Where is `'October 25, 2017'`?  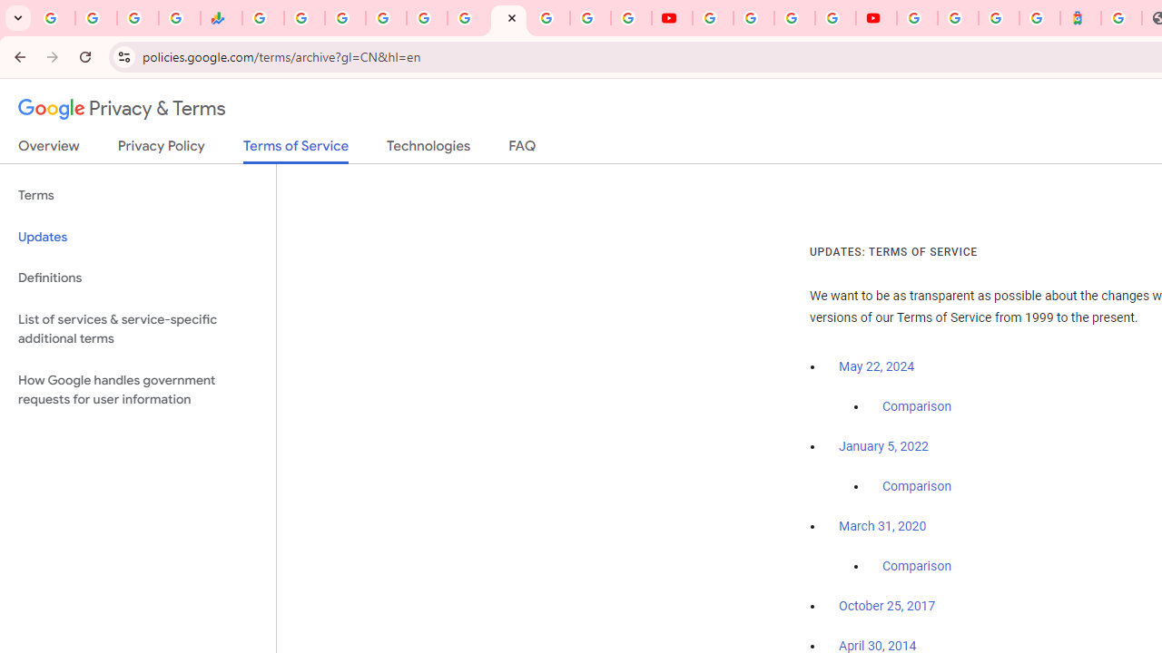 'October 25, 2017' is located at coordinates (887, 607).